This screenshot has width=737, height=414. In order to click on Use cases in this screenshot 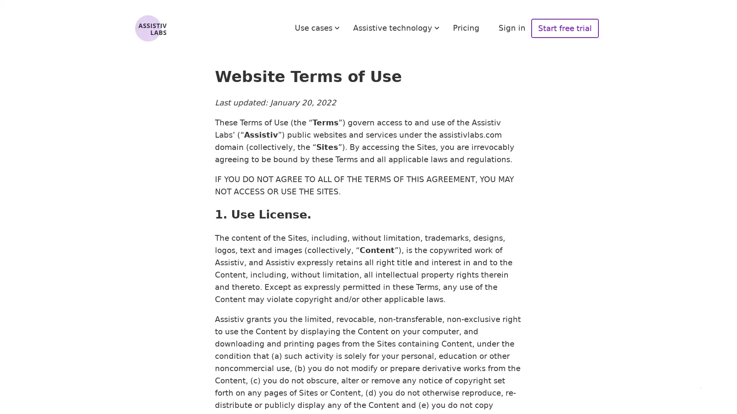, I will do `click(318, 28)`.